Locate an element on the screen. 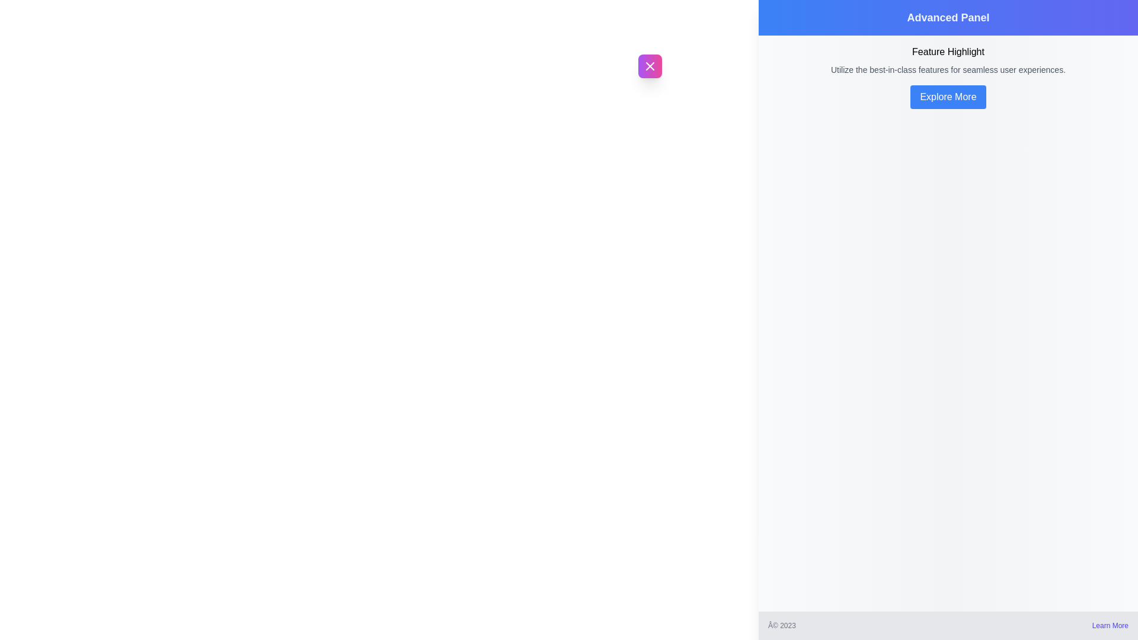 This screenshot has width=1138, height=640. the prominently styled button with rounded corners and a blue background that has the text 'Explore More' in white, located below the subtitle 'Feature Highlight' in the 'Advanced Panel' group is located at coordinates (947, 97).